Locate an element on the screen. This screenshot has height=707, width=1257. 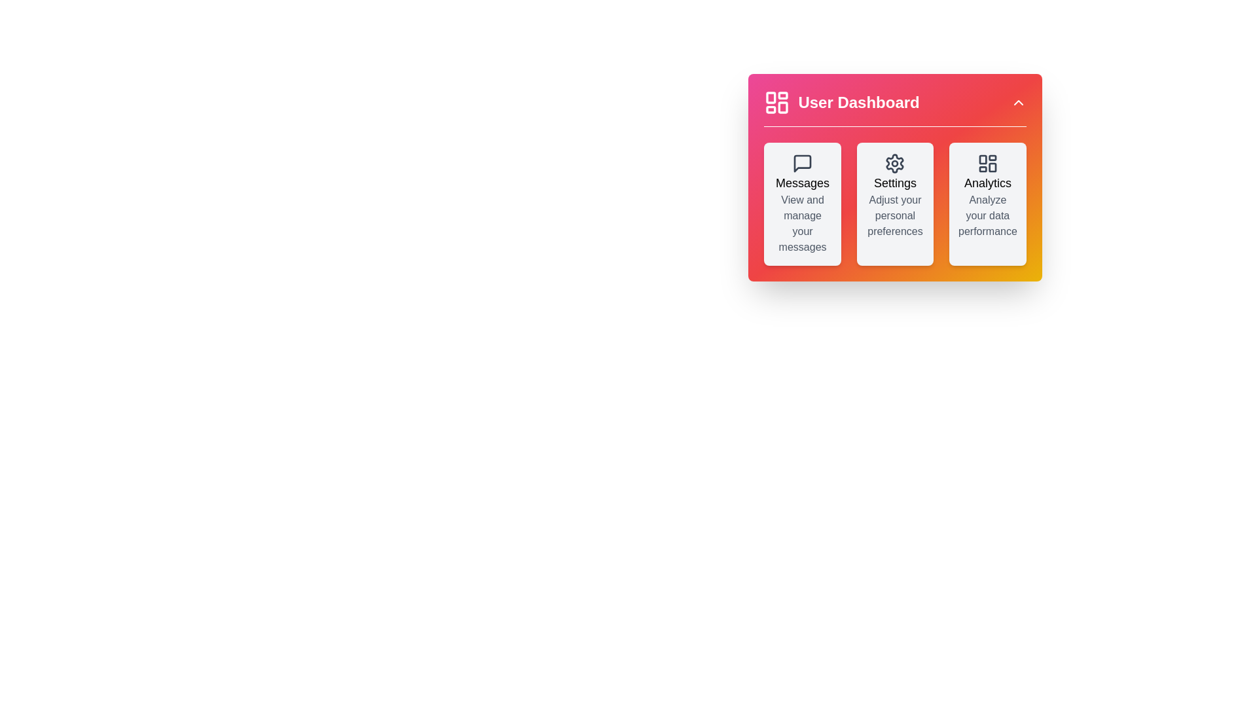
the 'User Dashboard' text label is located at coordinates (859, 102).